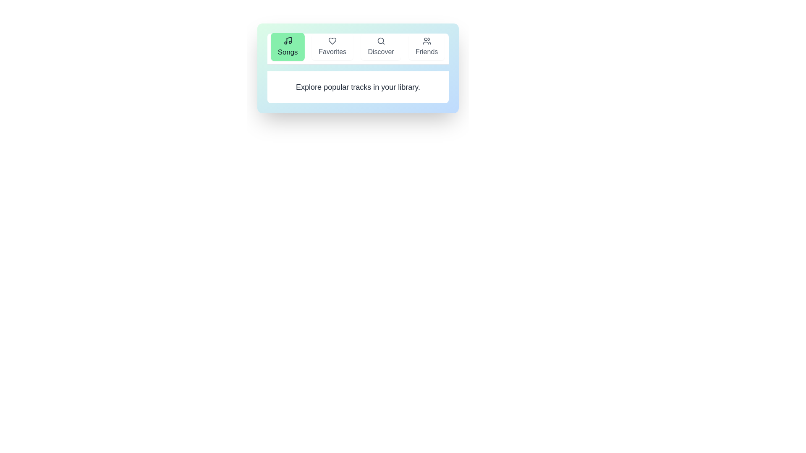 Image resolution: width=806 pixels, height=453 pixels. I want to click on the tab labeled Discover to observe its hover styling, so click(380, 47).